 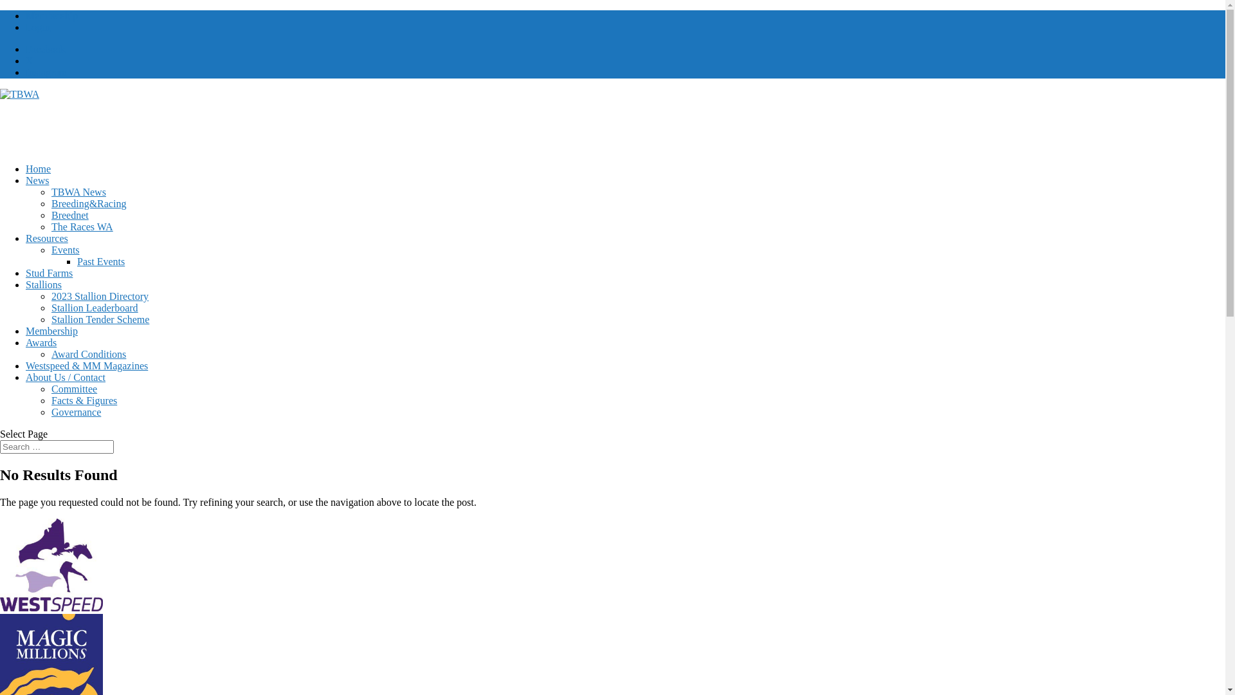 I want to click on 'Stud Farms', so click(x=49, y=272).